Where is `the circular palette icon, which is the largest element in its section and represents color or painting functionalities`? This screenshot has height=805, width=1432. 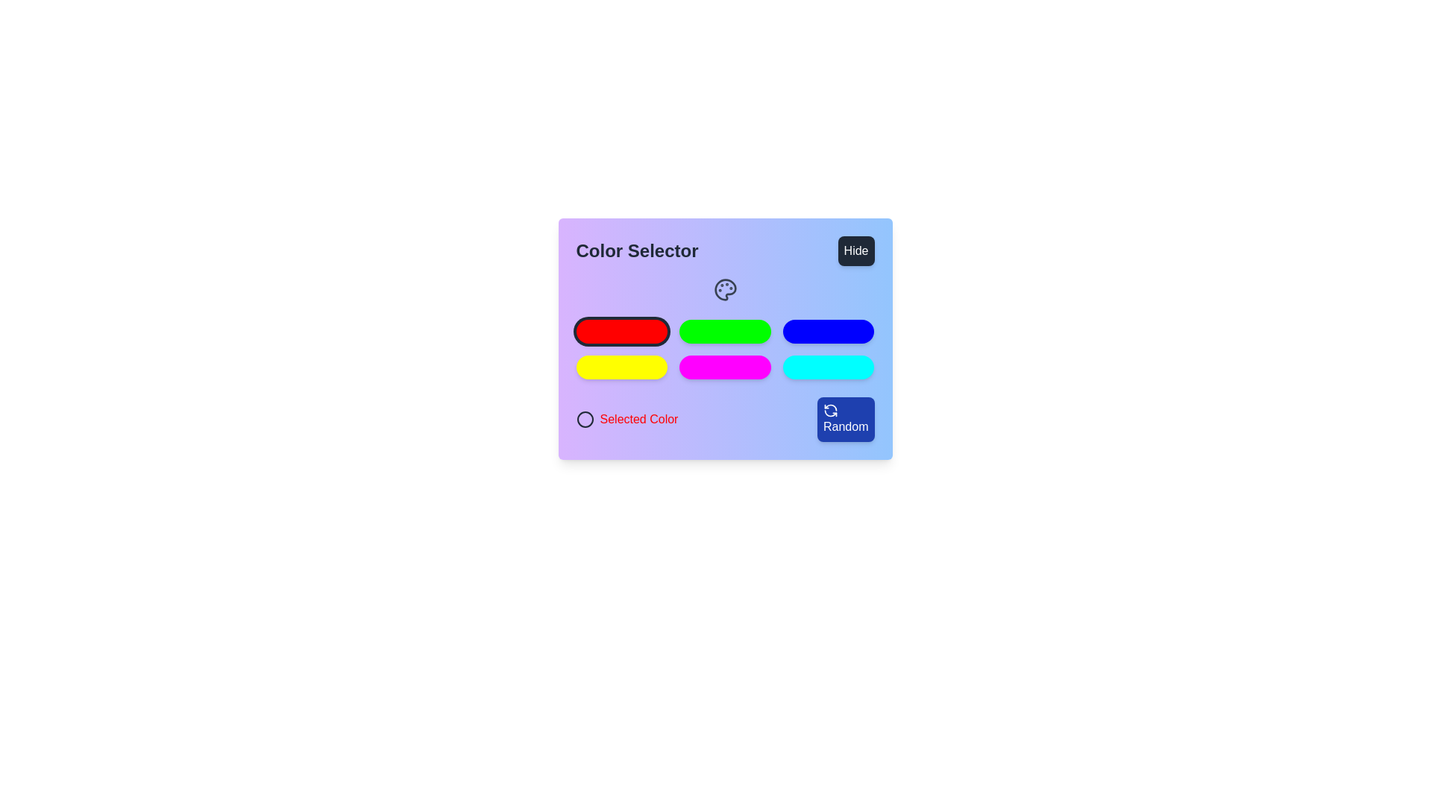
the circular palette icon, which is the largest element in its section and represents color or painting functionalities is located at coordinates (725, 290).